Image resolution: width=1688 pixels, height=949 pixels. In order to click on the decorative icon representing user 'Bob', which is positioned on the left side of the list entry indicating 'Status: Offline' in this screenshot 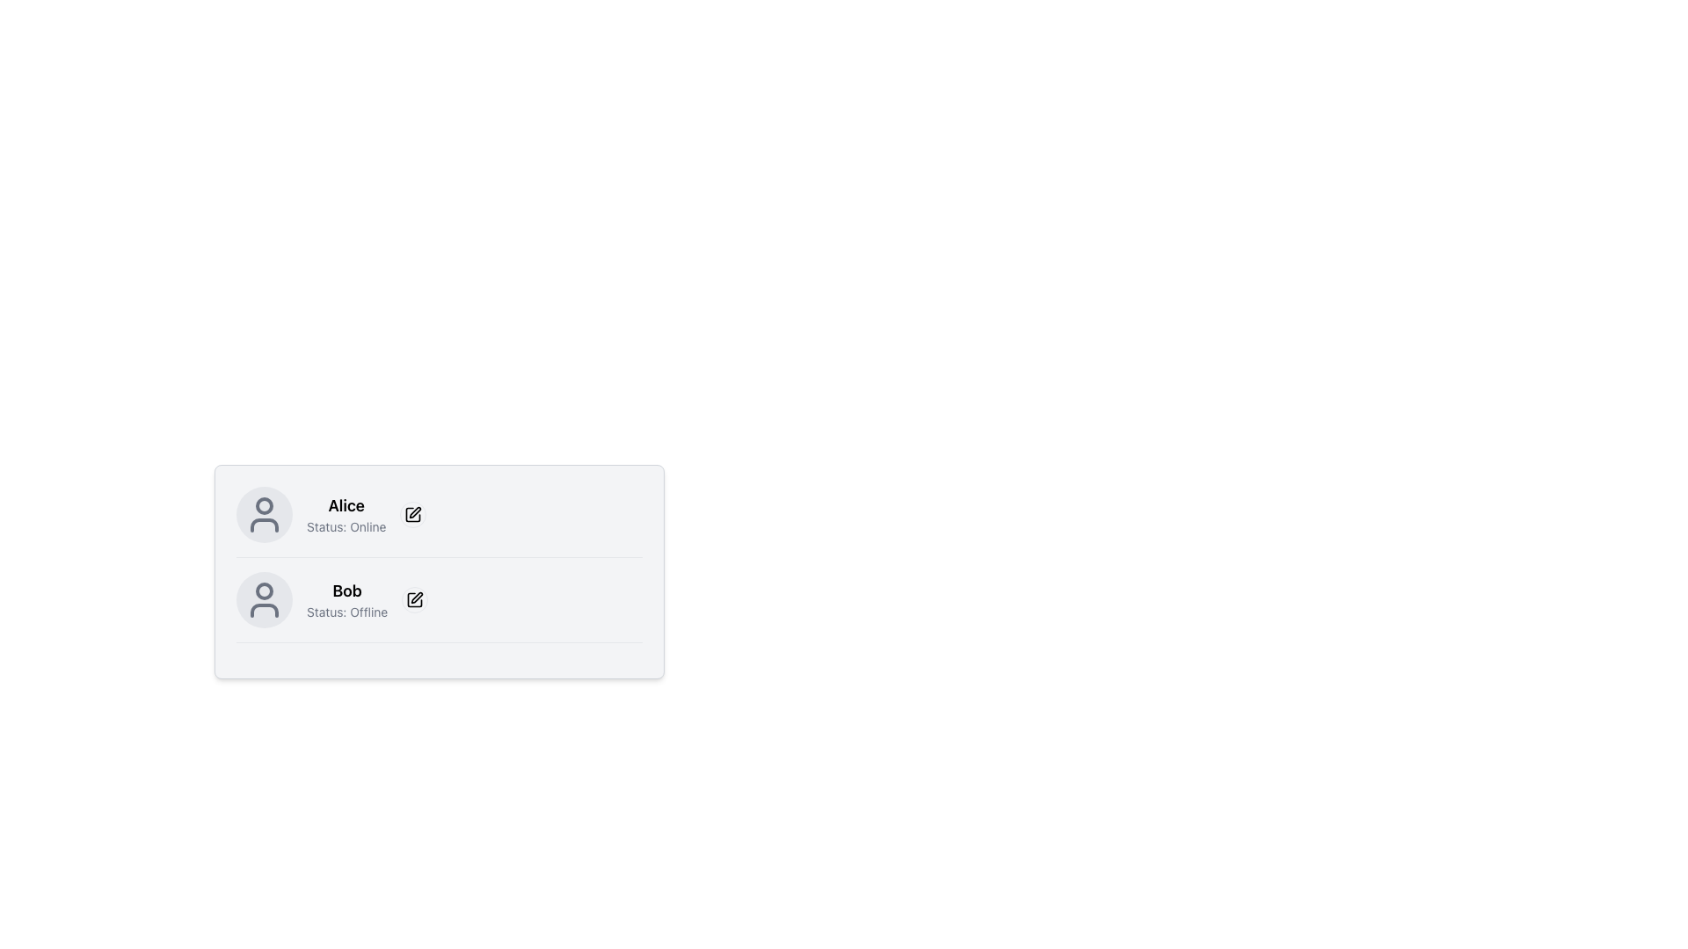, I will do `click(264, 598)`.